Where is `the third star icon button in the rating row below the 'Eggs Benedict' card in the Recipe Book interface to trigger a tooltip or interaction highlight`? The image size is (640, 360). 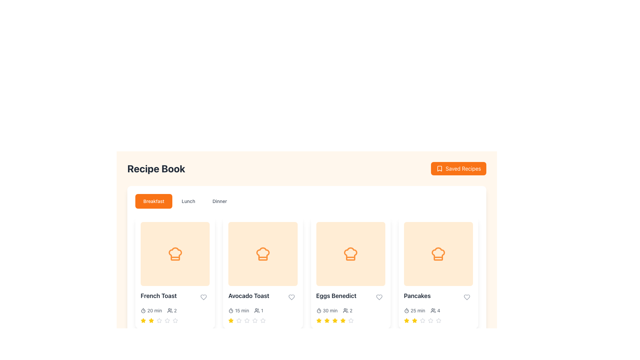 the third star icon button in the rating row below the 'Eggs Benedict' card in the Recipe Book interface to trigger a tooltip or interaction highlight is located at coordinates (327, 320).